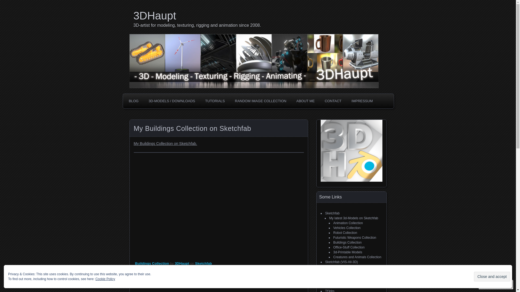  Describe the element at coordinates (341, 276) in the screenshot. I see `'CGTrader (VIS-All-3D)'` at that location.